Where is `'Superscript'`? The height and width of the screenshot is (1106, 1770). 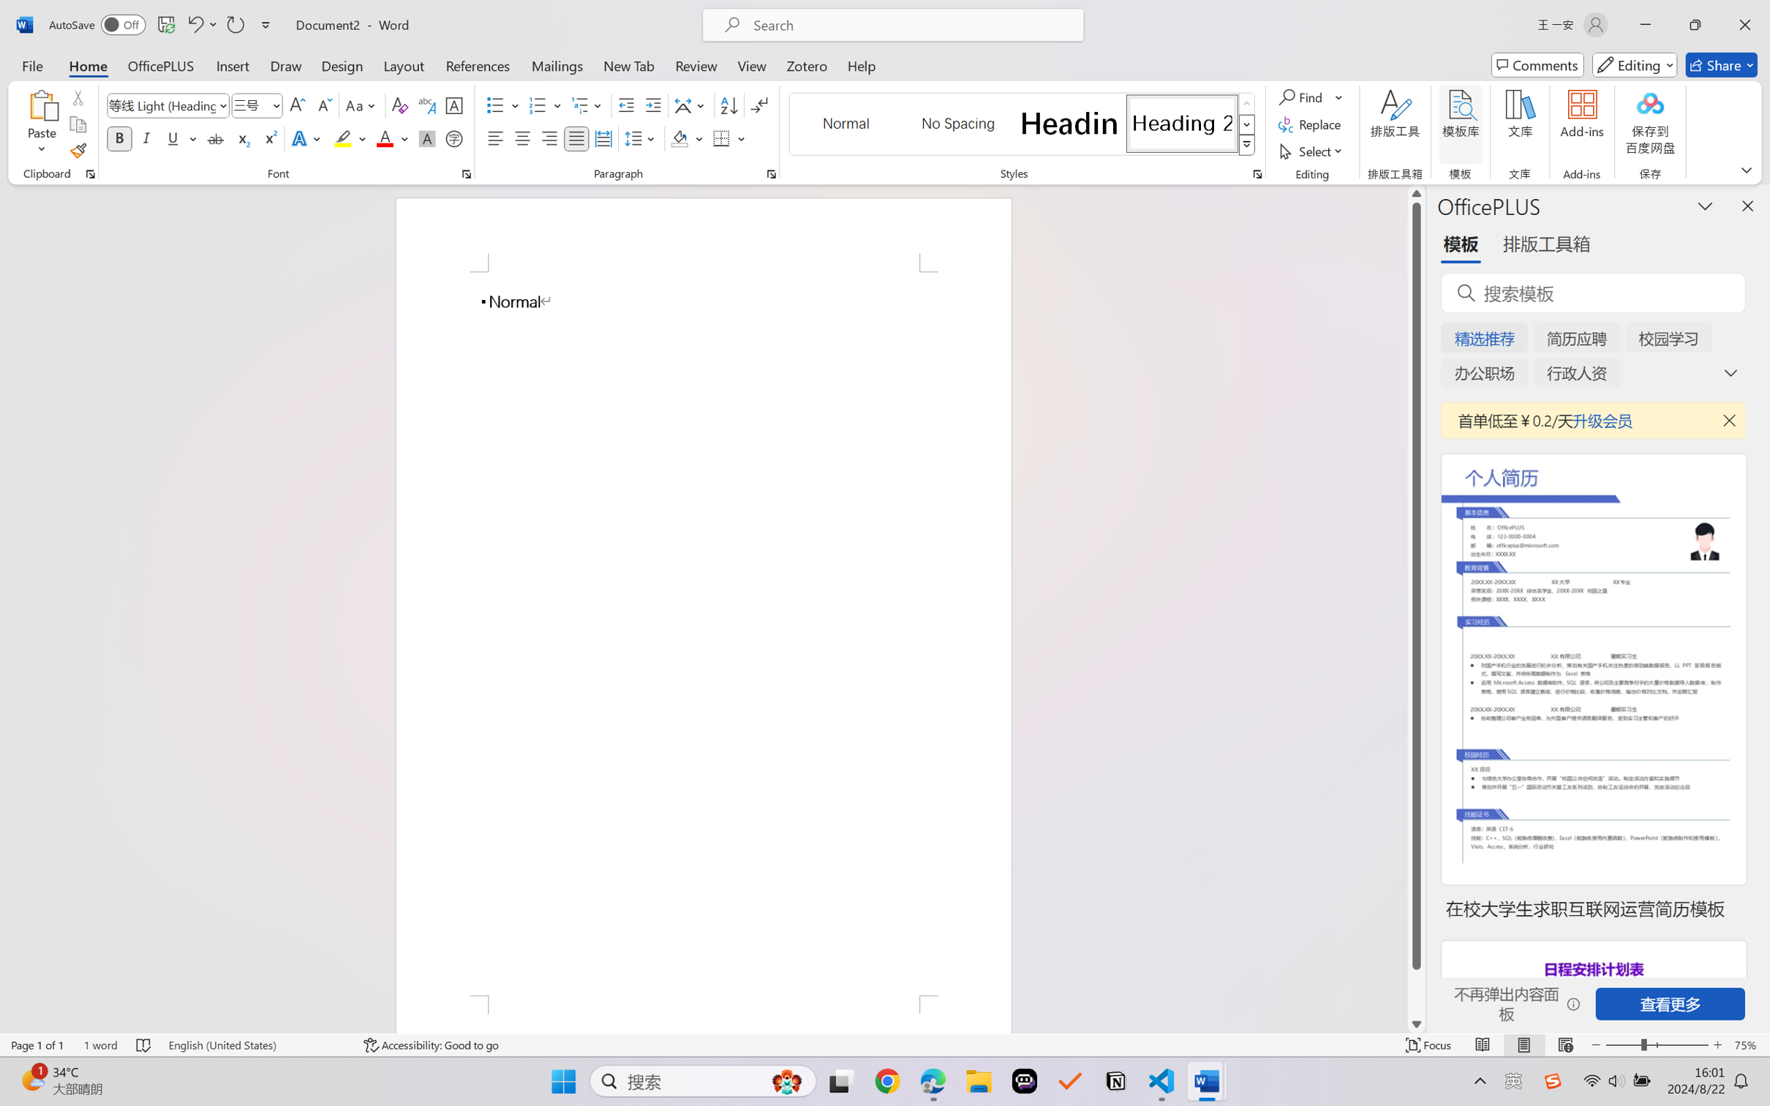
'Superscript' is located at coordinates (268, 138).